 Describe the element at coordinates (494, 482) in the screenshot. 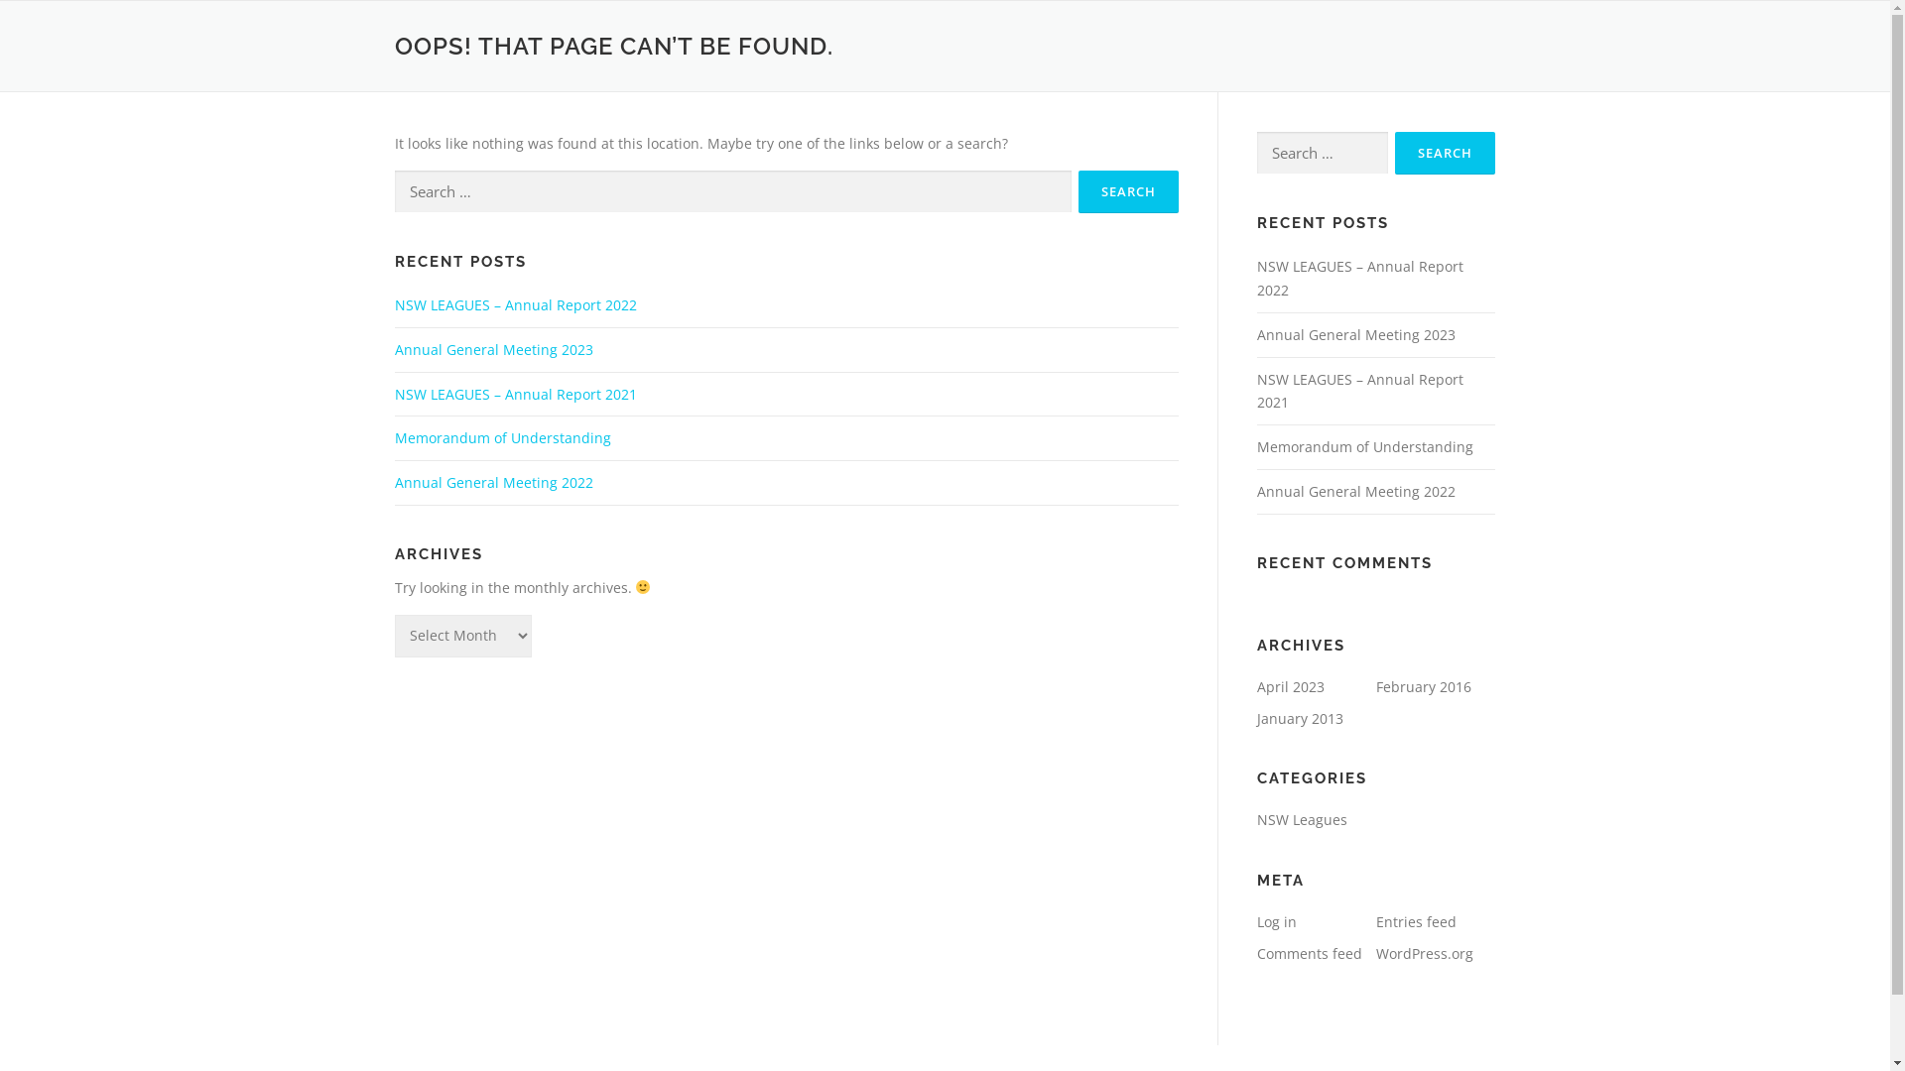

I see `'Annual General Meeting 2022'` at that location.